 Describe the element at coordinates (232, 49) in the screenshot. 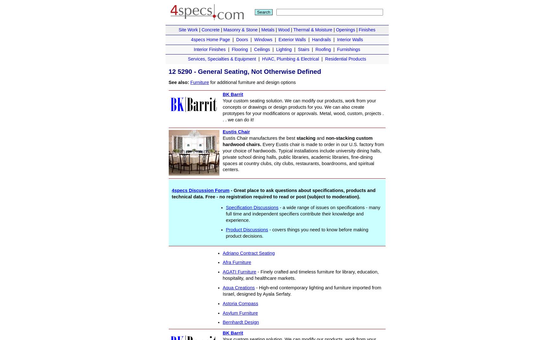

I see `'Flooring'` at that location.